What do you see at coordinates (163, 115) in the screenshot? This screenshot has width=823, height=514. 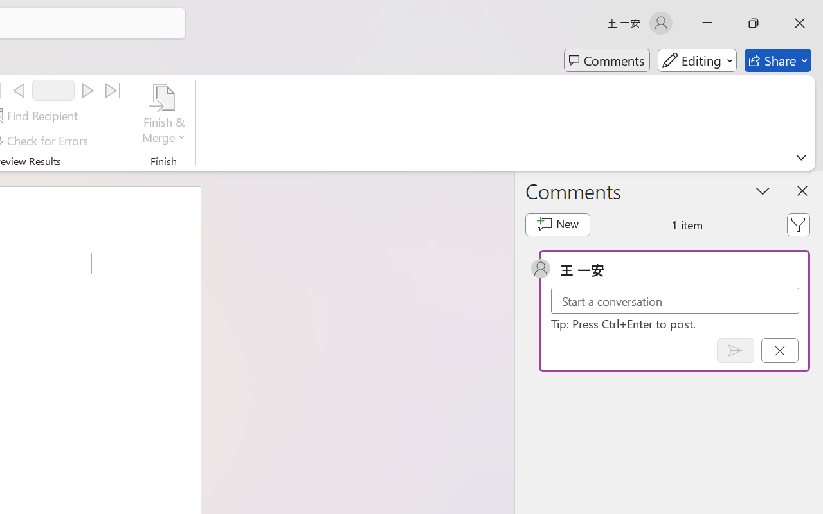 I see `'Finish & Merge'` at bounding box center [163, 115].